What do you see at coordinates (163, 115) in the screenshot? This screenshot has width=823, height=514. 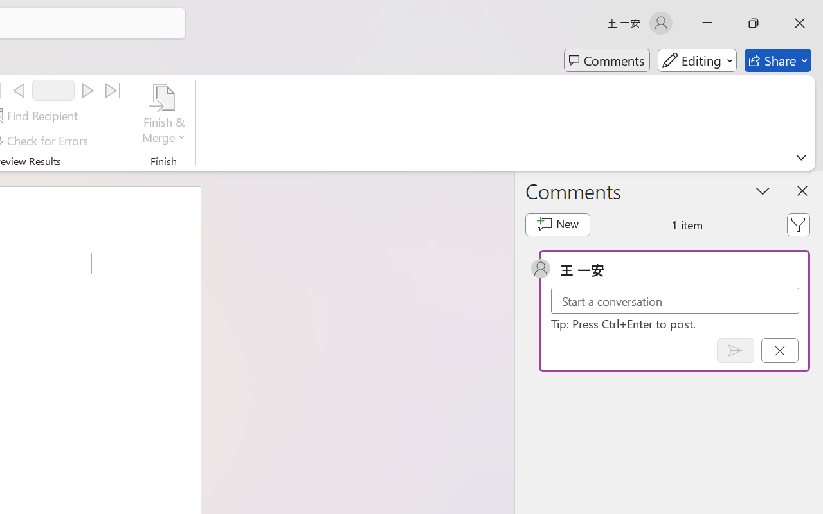 I see `'Finish & Merge'` at bounding box center [163, 115].